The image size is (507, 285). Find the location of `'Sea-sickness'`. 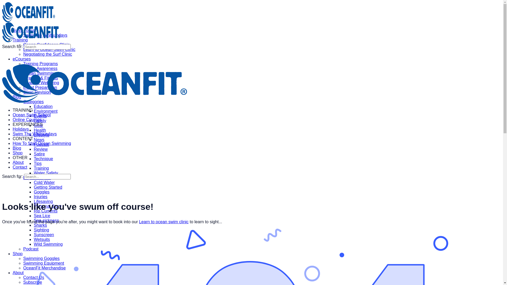

'Sea-sickness' is located at coordinates (46, 220).